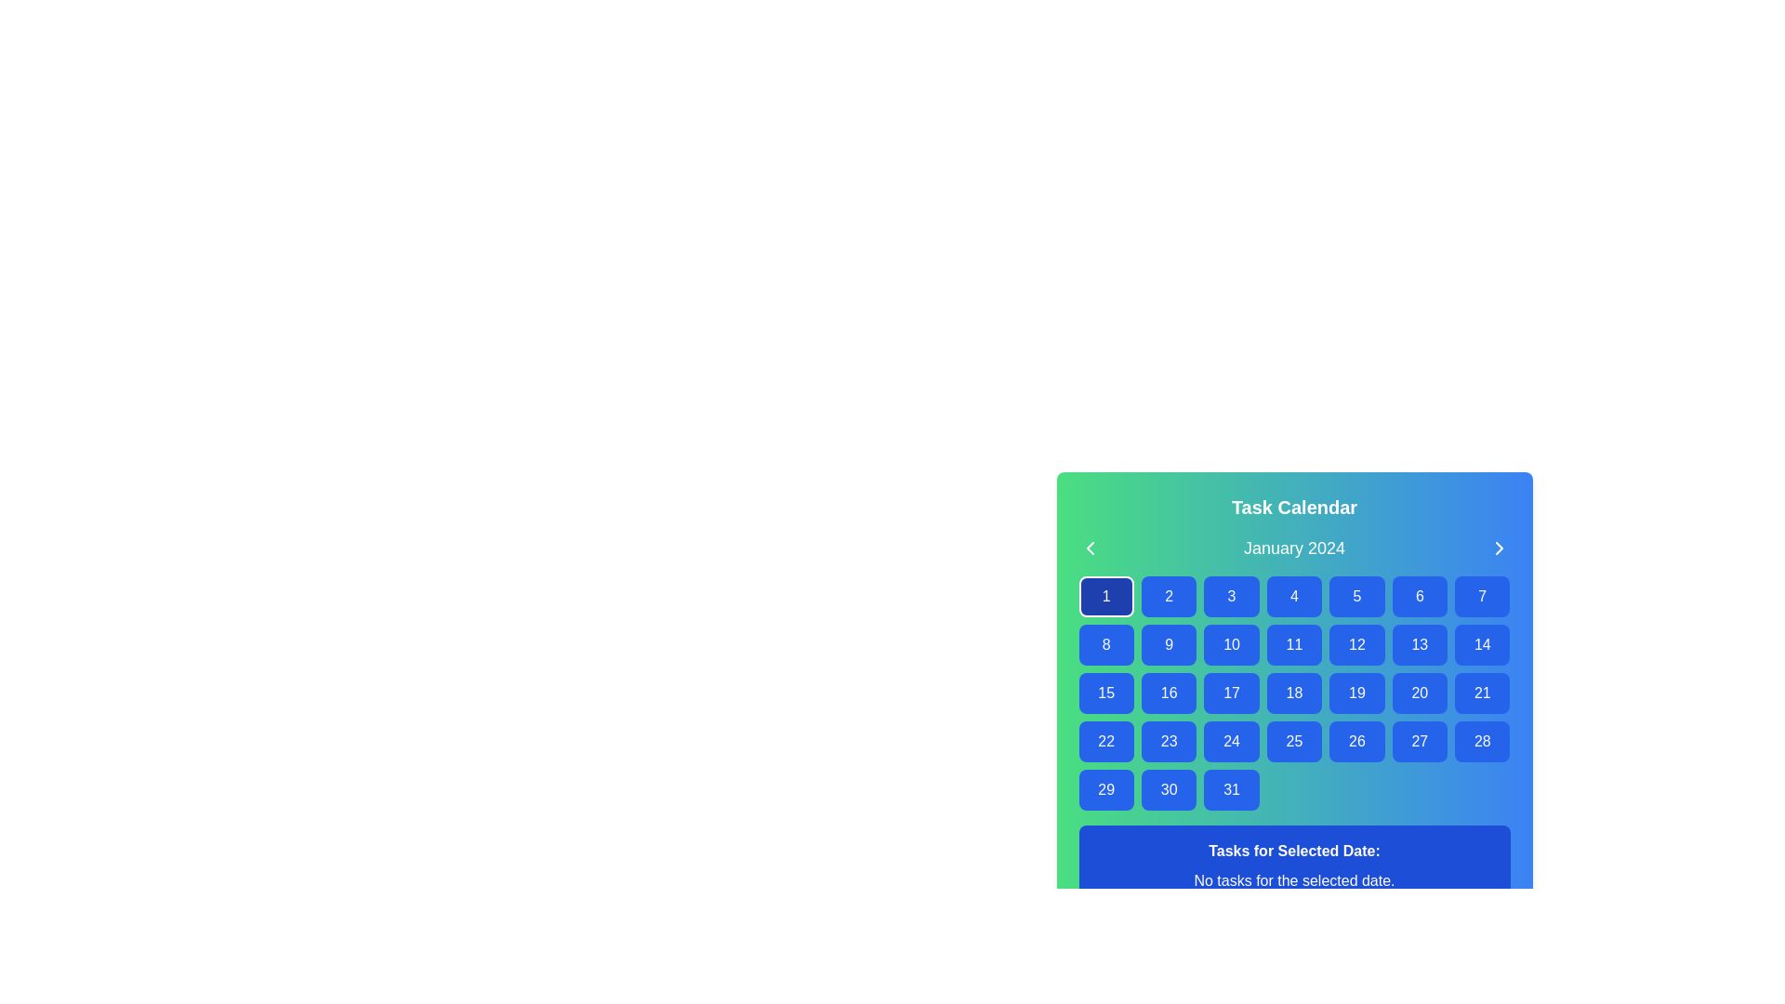 This screenshot has width=1785, height=1004. I want to click on the calendar day button for '17', so click(1231, 693).